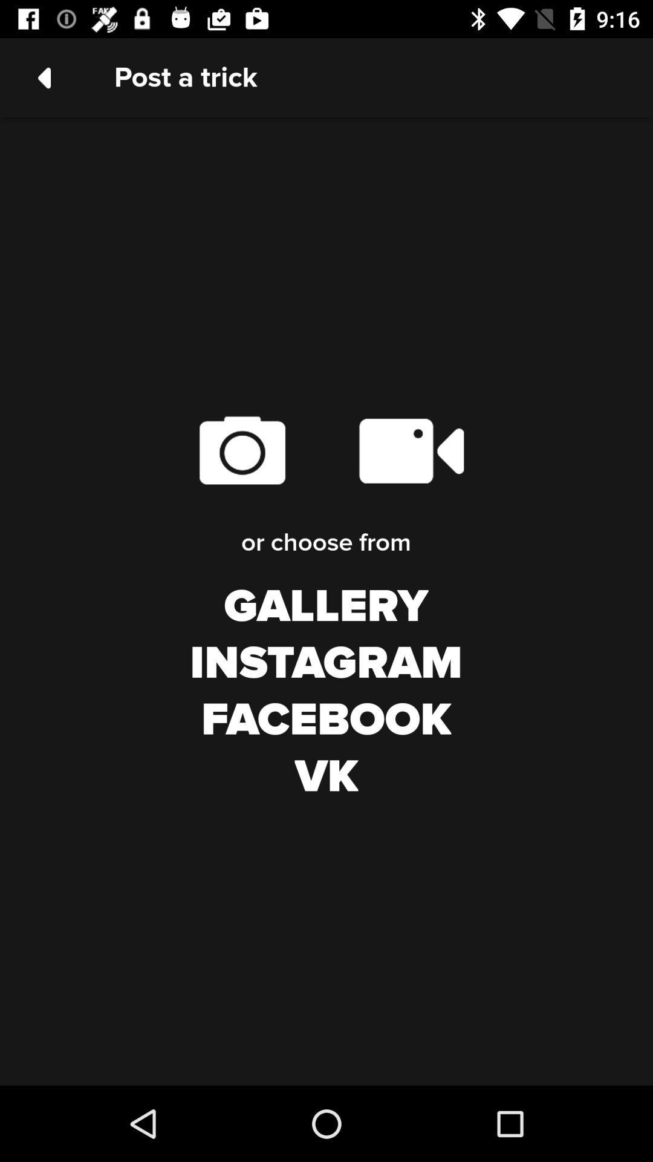  Describe the element at coordinates (325, 720) in the screenshot. I see `item below the instagram` at that location.